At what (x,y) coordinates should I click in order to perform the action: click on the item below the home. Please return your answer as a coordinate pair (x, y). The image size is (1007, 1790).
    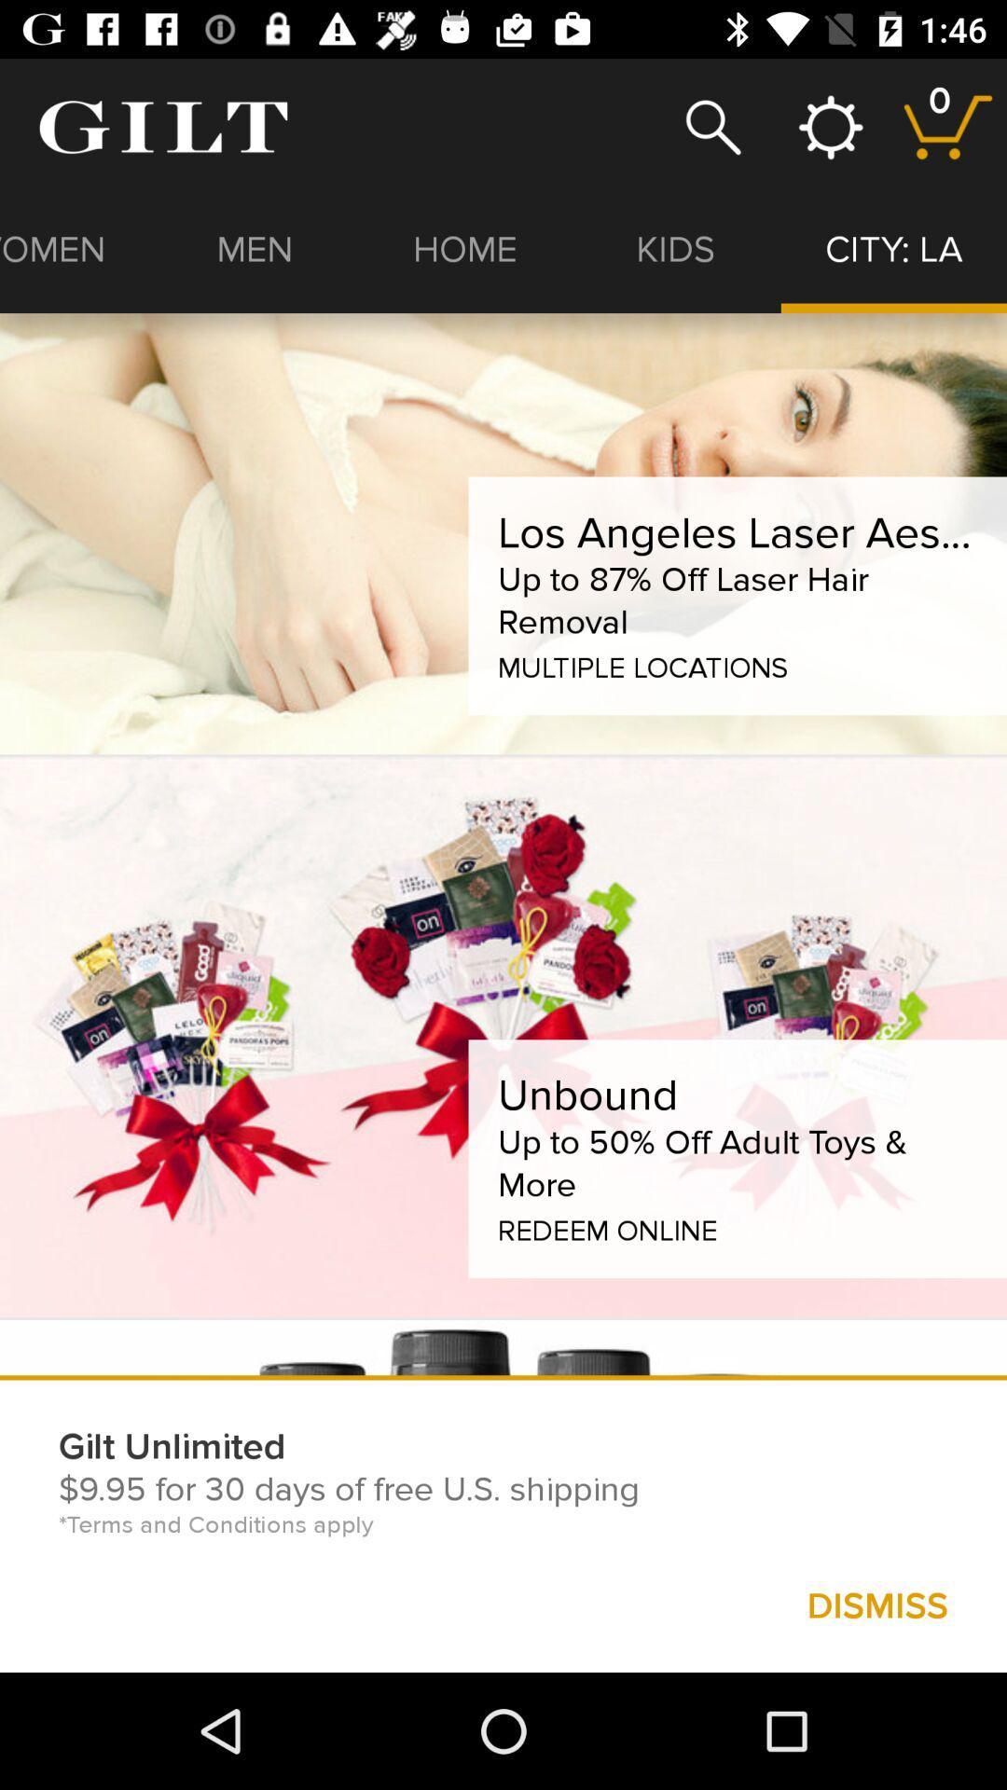
    Looking at the image, I should click on (737, 531).